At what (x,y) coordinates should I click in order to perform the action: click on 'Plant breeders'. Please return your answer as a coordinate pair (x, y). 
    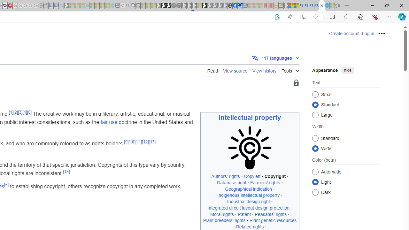
    Looking at the image, I should click on (224, 220).